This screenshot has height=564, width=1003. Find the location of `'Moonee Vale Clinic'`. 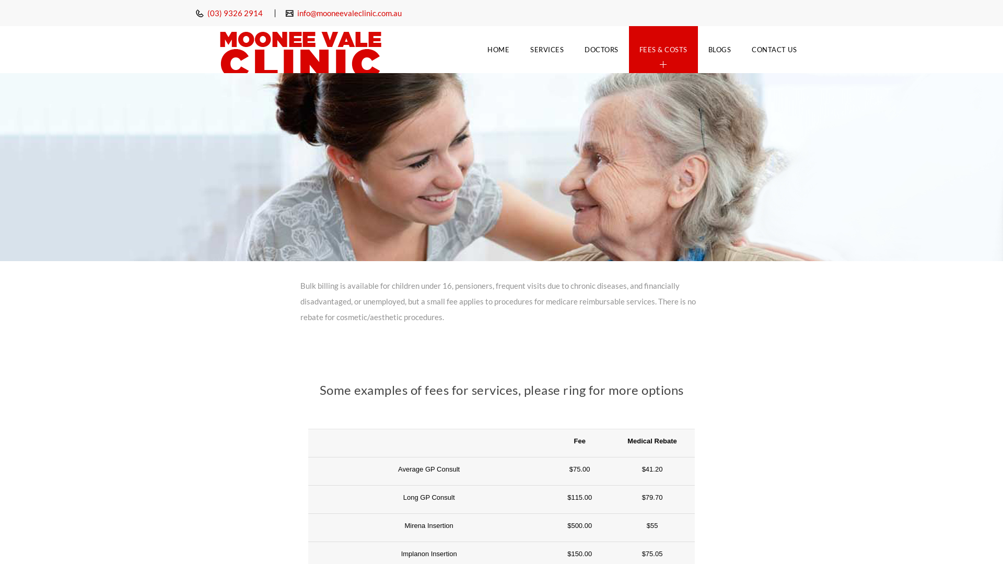

'Moonee Vale Clinic' is located at coordinates (300, 50).